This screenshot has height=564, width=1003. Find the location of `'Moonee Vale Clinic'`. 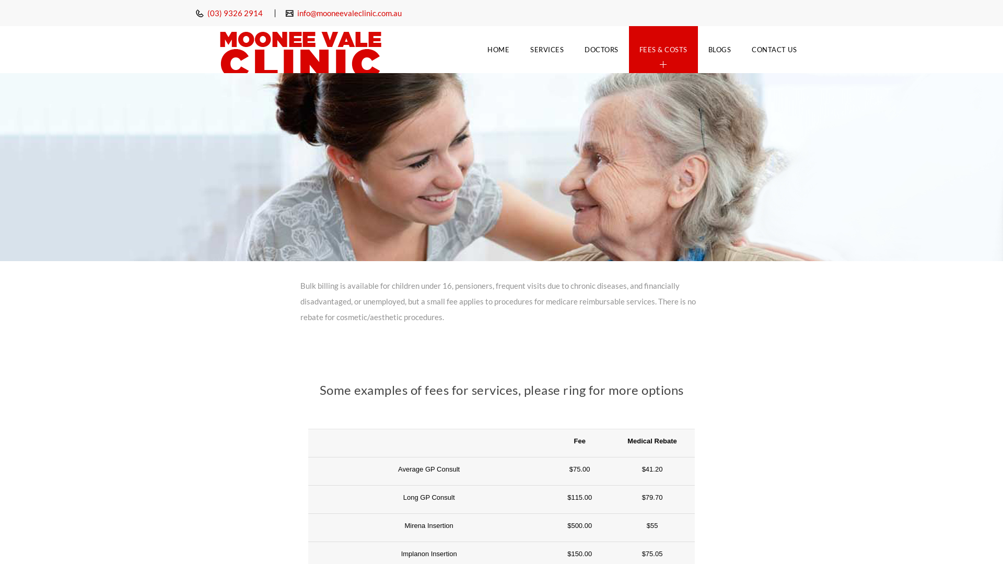

'Moonee Vale Clinic' is located at coordinates (300, 50).